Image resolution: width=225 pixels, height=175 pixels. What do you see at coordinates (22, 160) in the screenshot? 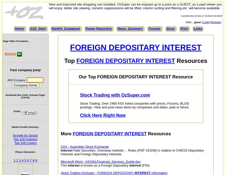
I see `'4'` at bounding box center [22, 160].